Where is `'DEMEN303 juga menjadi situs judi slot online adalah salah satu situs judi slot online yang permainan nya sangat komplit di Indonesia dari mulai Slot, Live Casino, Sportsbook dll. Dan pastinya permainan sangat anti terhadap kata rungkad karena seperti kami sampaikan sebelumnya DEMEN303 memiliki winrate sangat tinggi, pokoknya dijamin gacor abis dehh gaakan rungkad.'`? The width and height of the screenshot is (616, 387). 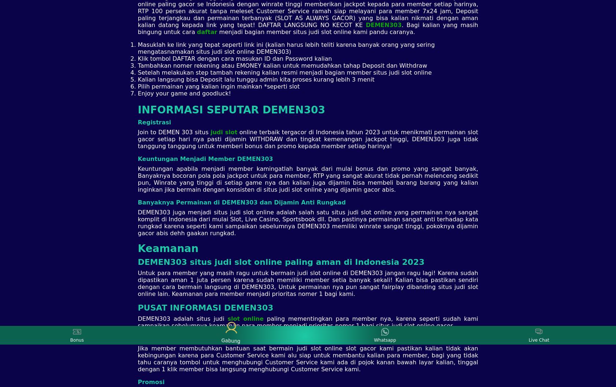 'DEMEN303 juga menjadi situs judi slot online adalah salah satu situs judi slot online yang permainan nya sangat komplit di Indonesia dari mulai Slot, Live Casino, Sportsbook dll. Dan pastinya permainan sangat anti terhadap kata rungkad karena seperti kami sampaikan sebelumnya DEMEN303 memiliki winrate sangat tinggi, pokoknya dijamin gacor abis dehh gaakan rungkad.' is located at coordinates (307, 222).